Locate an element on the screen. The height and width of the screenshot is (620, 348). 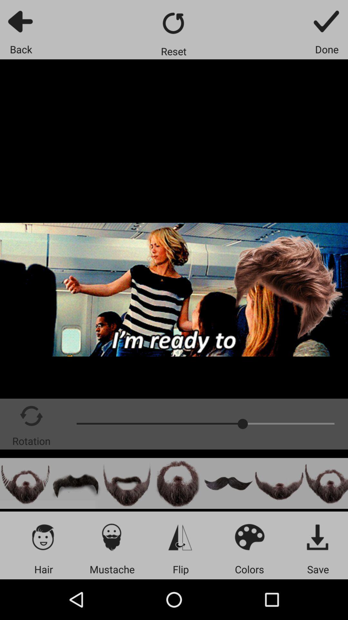
download option is located at coordinates (318, 537).